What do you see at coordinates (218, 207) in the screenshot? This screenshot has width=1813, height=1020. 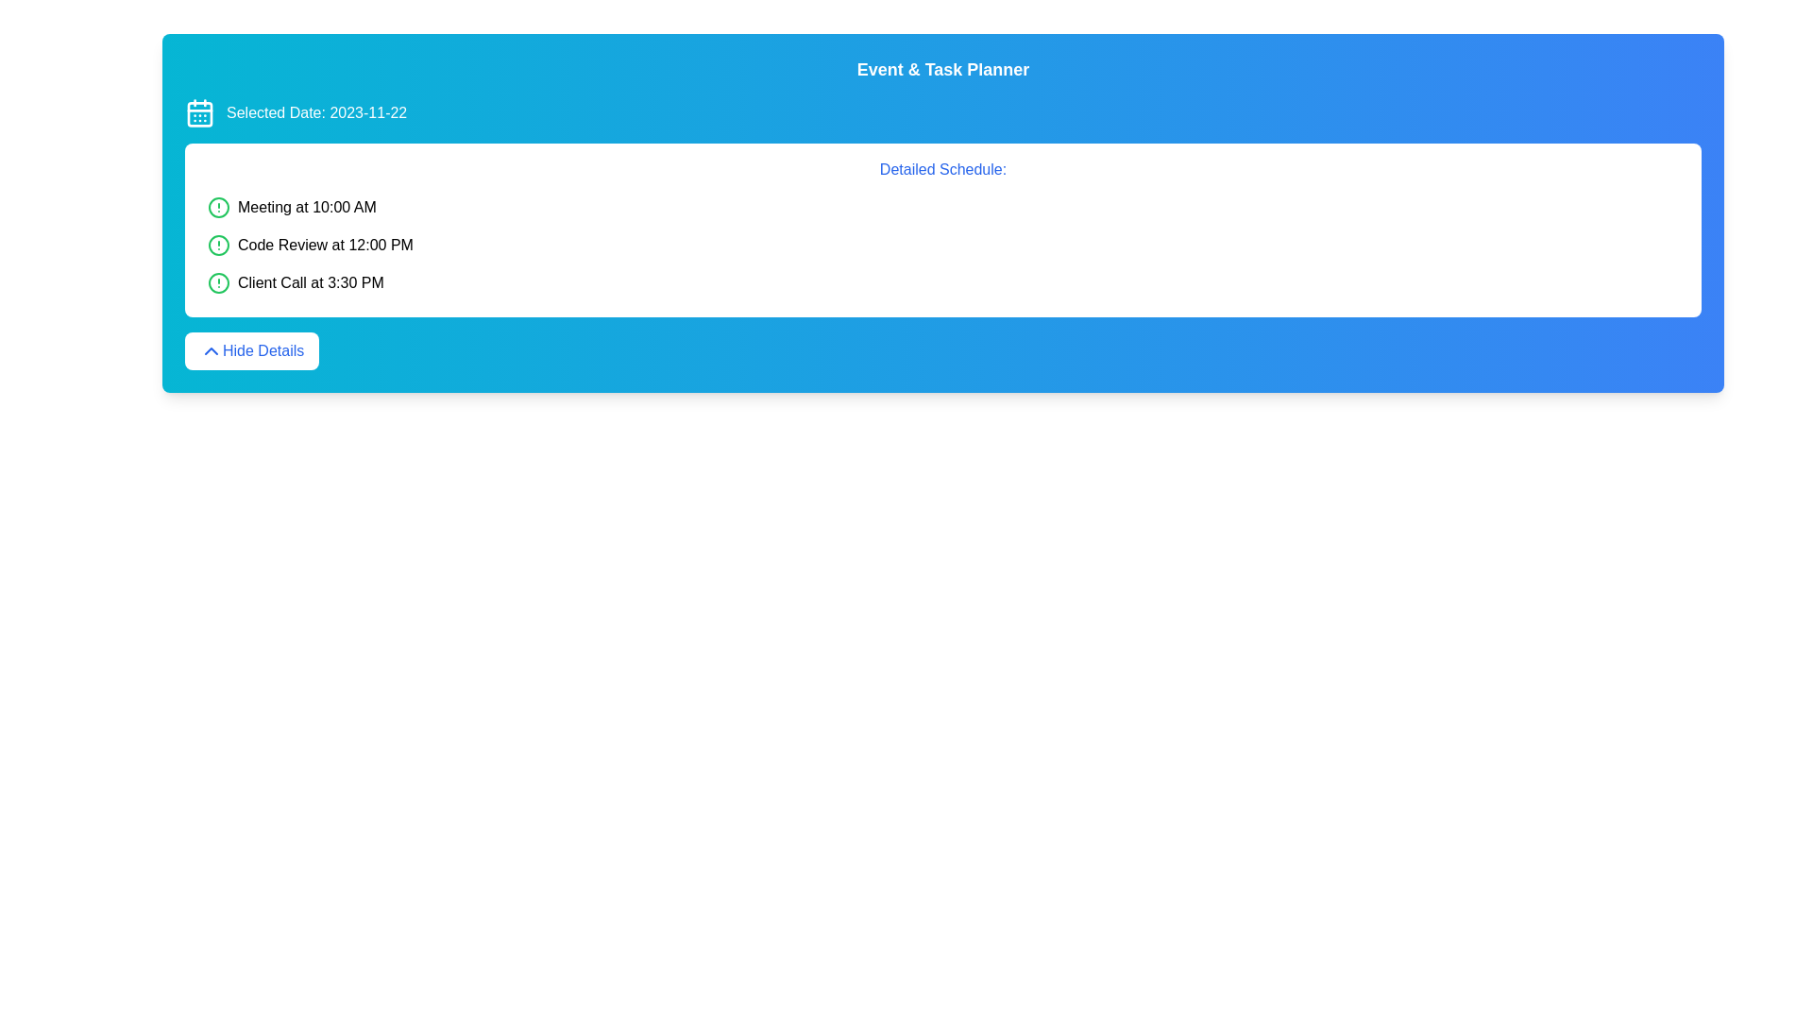 I see `the SVG Circle Element that serves as a visual indicator for the event 'Meeting at 10:00 AM', located to the left of the event text` at bounding box center [218, 207].